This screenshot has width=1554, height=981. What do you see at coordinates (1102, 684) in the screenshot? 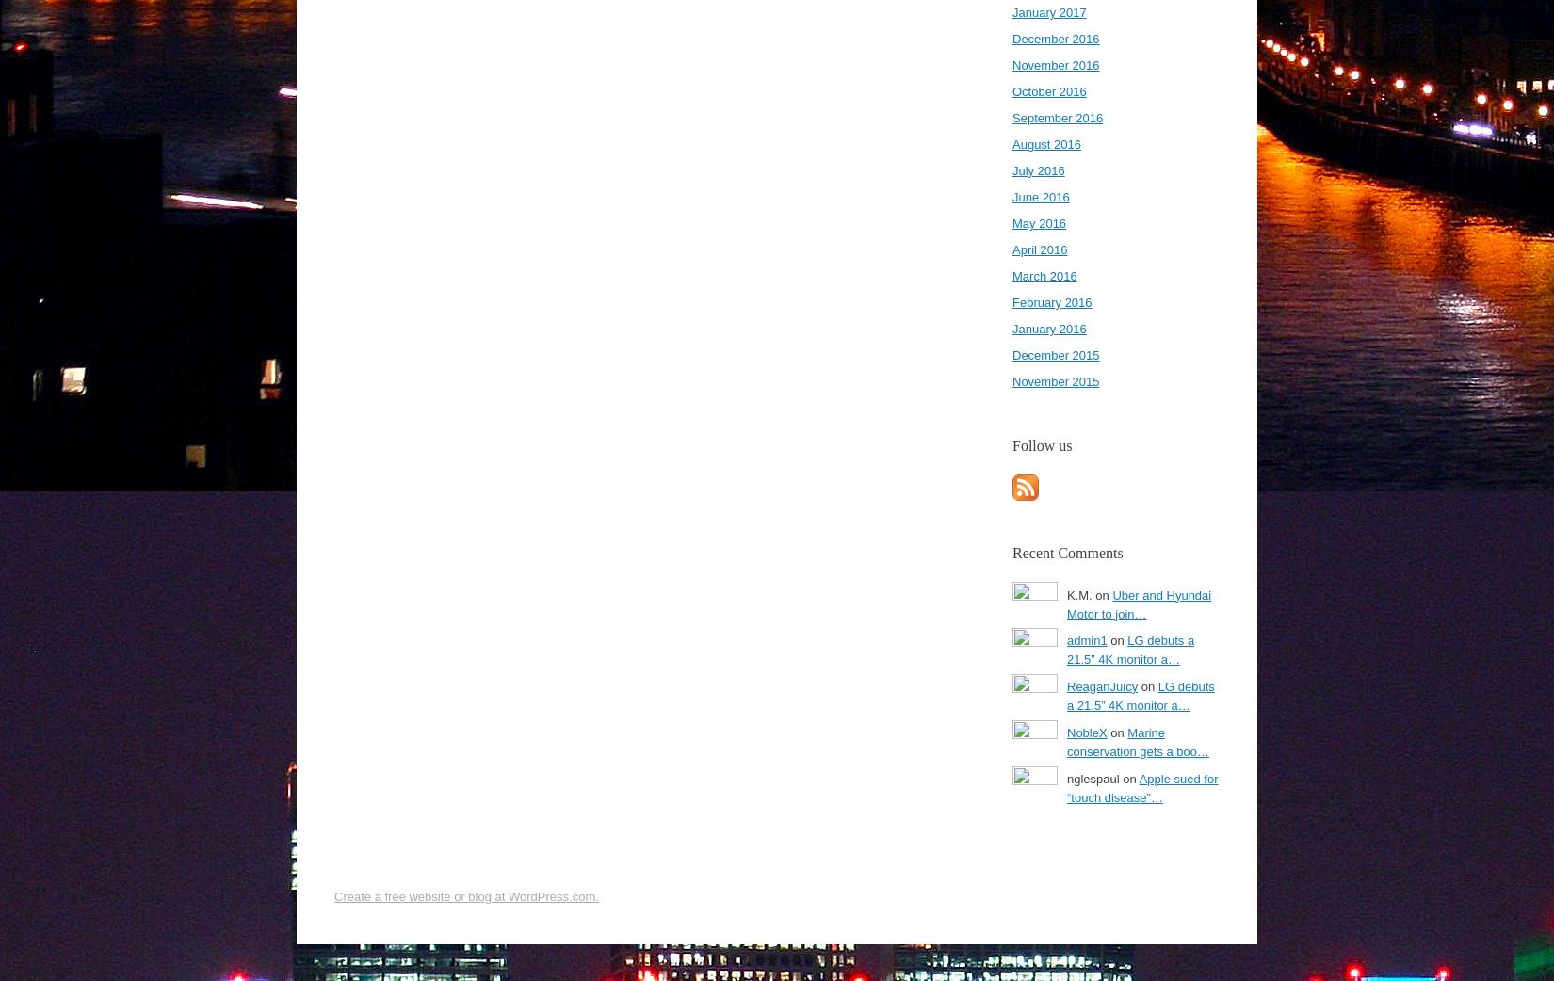
I see `'ReaganJuicy'` at bounding box center [1102, 684].